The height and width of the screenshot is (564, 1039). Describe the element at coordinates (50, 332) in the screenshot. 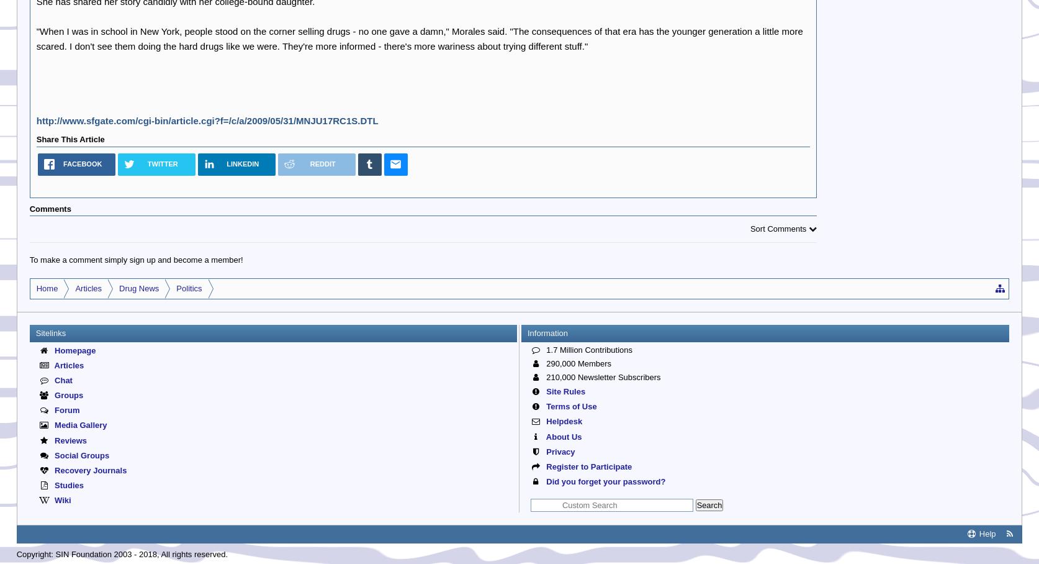

I see `'Sitelinks'` at that location.